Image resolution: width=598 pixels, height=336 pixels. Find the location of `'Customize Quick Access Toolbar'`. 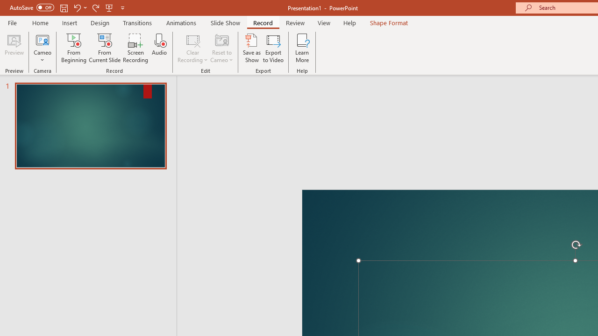

'Customize Quick Access Toolbar' is located at coordinates (122, 7).